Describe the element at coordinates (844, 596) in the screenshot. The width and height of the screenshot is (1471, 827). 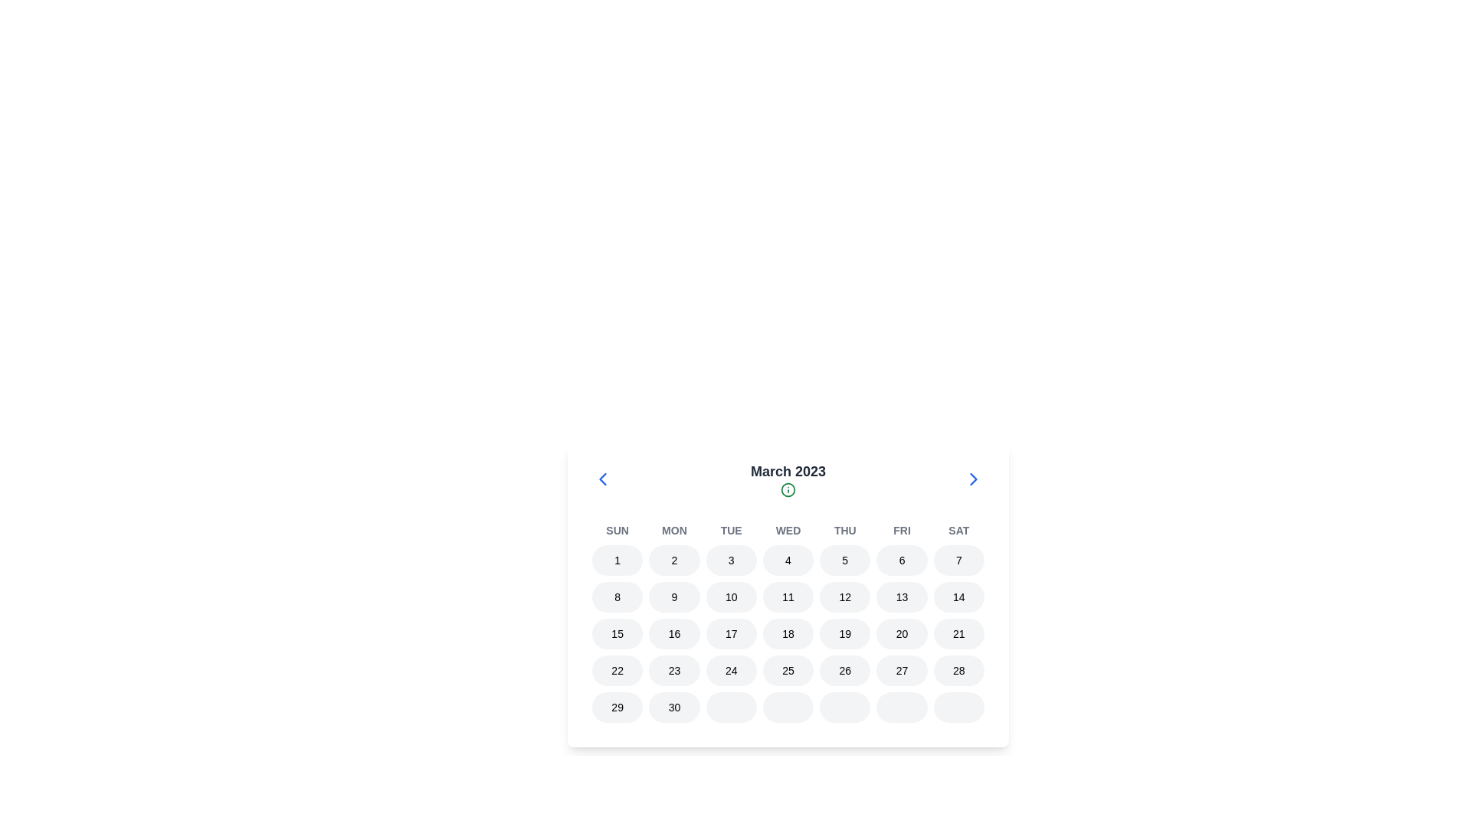
I see `the circular button labeled '12' with a light gray background` at that location.